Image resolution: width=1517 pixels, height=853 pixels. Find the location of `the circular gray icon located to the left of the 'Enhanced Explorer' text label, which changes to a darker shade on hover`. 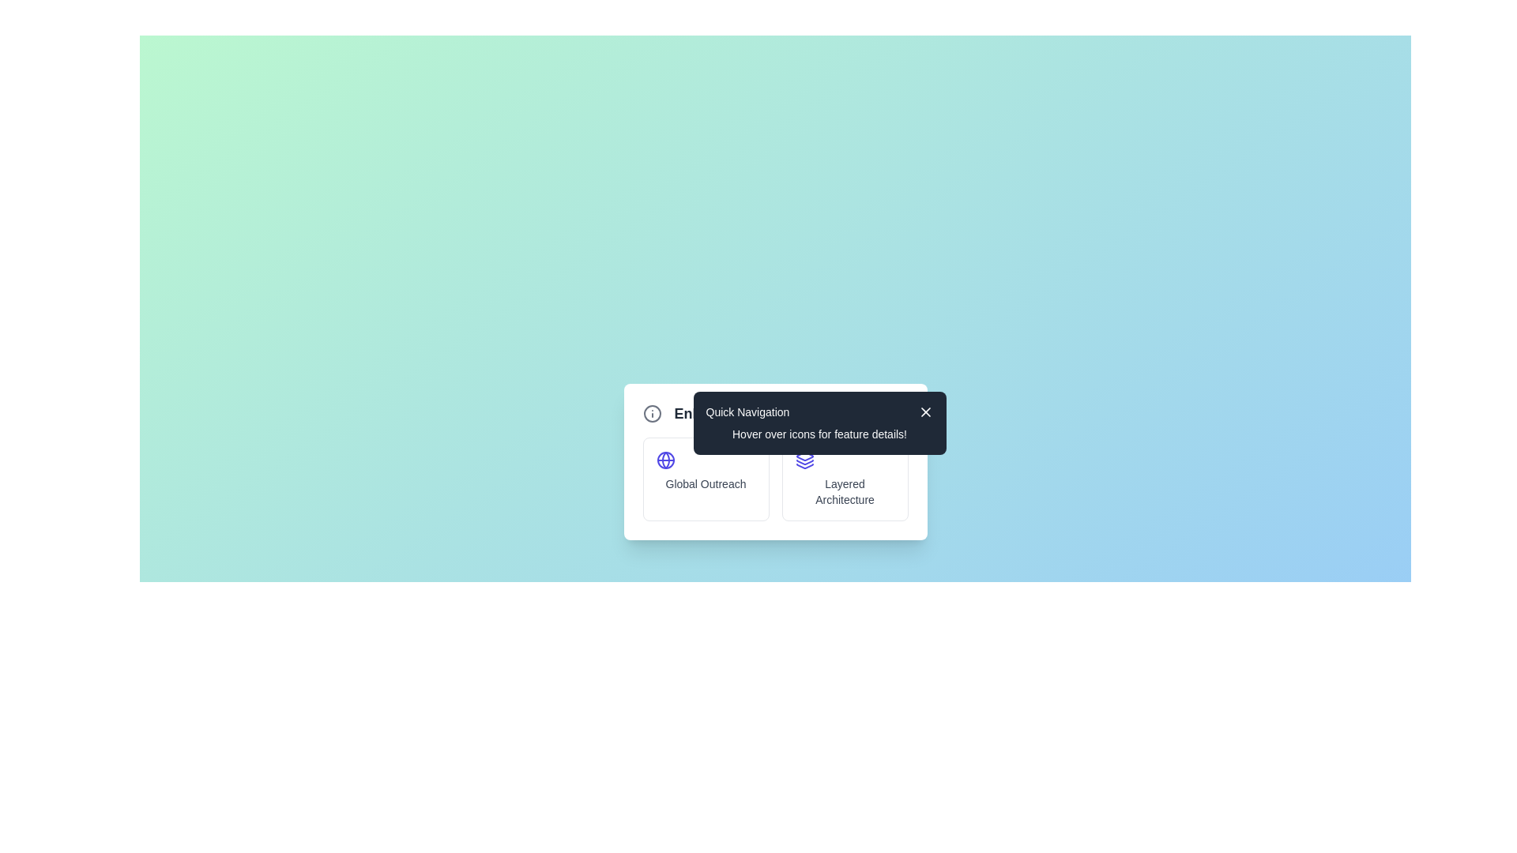

the circular gray icon located to the left of the 'Enhanced Explorer' text label, which changes to a darker shade on hover is located at coordinates (652, 413).